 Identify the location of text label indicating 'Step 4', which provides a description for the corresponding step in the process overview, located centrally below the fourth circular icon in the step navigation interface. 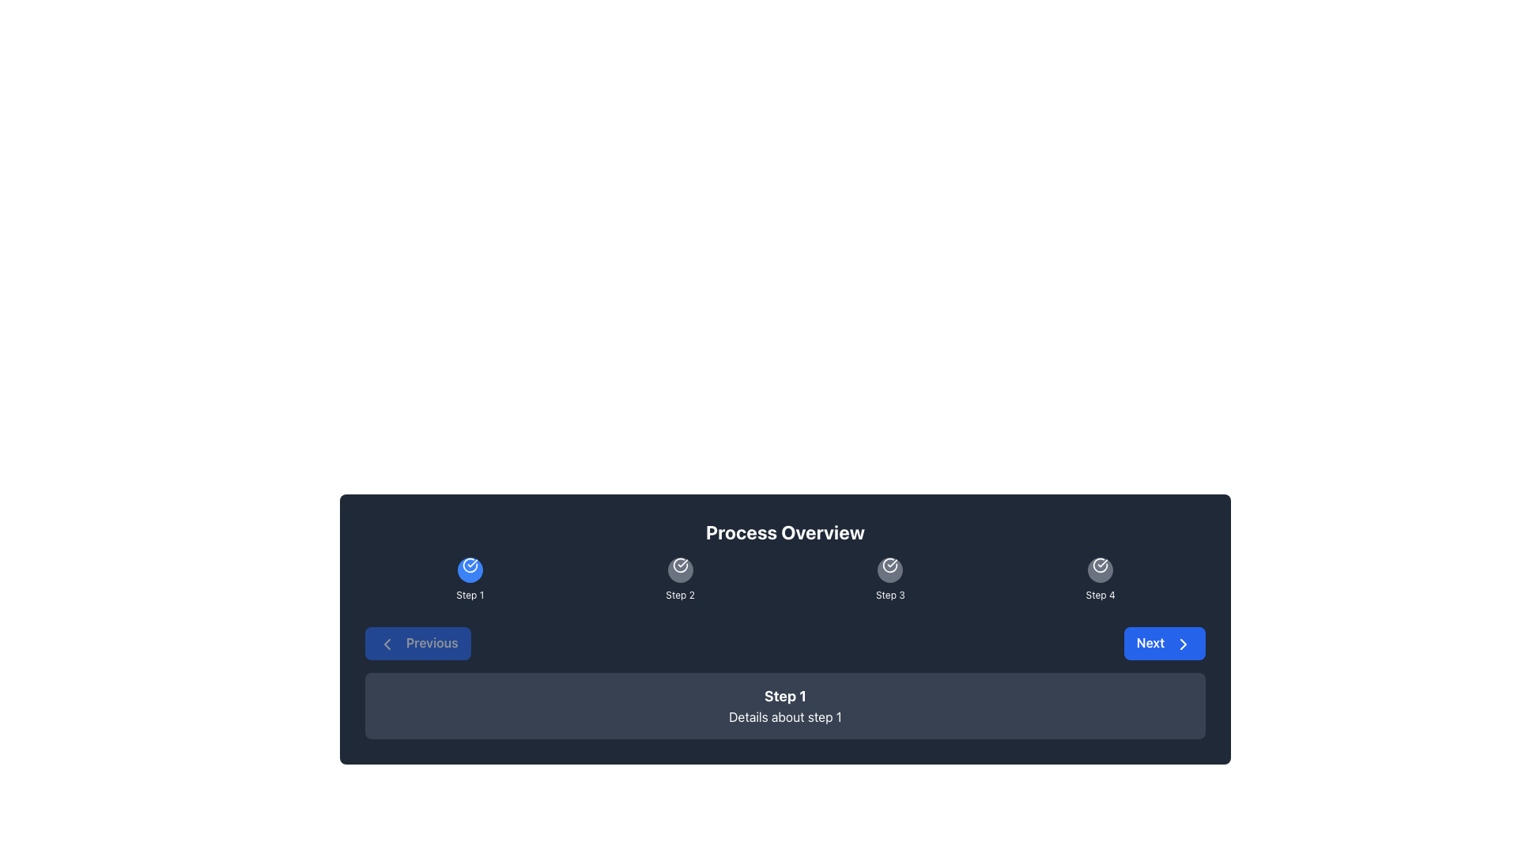
(1100, 595).